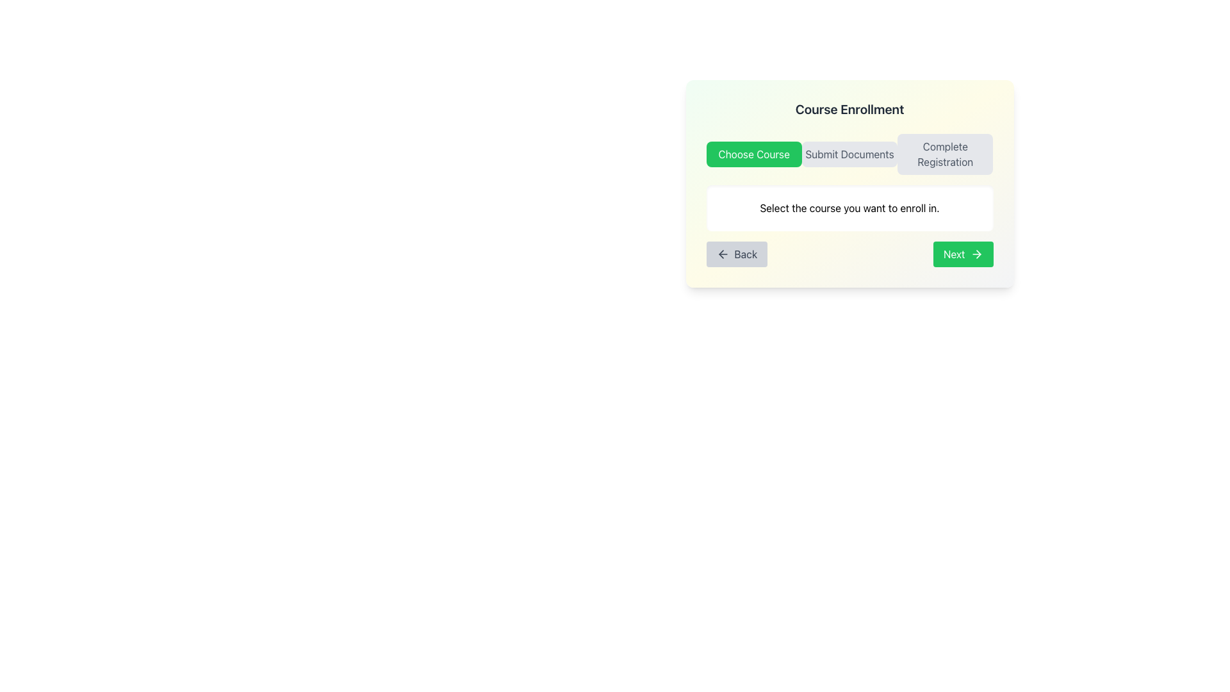 This screenshot has height=692, width=1230. What do you see at coordinates (978, 254) in the screenshot?
I see `the 'Next' button which contains the arrowhead icon for visual feedback` at bounding box center [978, 254].